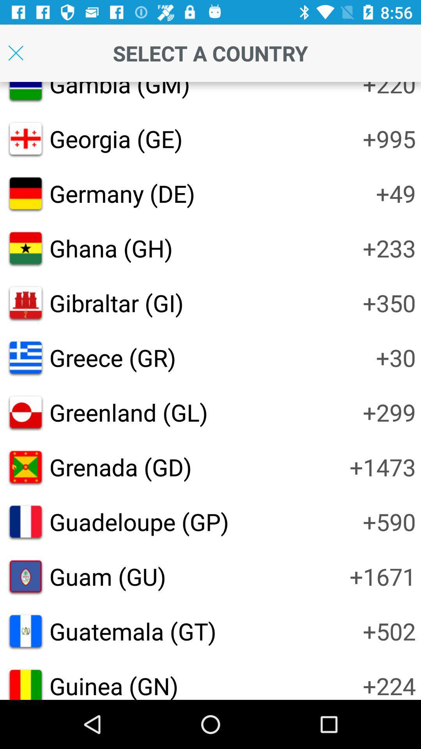  I want to click on icon next to guam (gu) item, so click(382, 576).